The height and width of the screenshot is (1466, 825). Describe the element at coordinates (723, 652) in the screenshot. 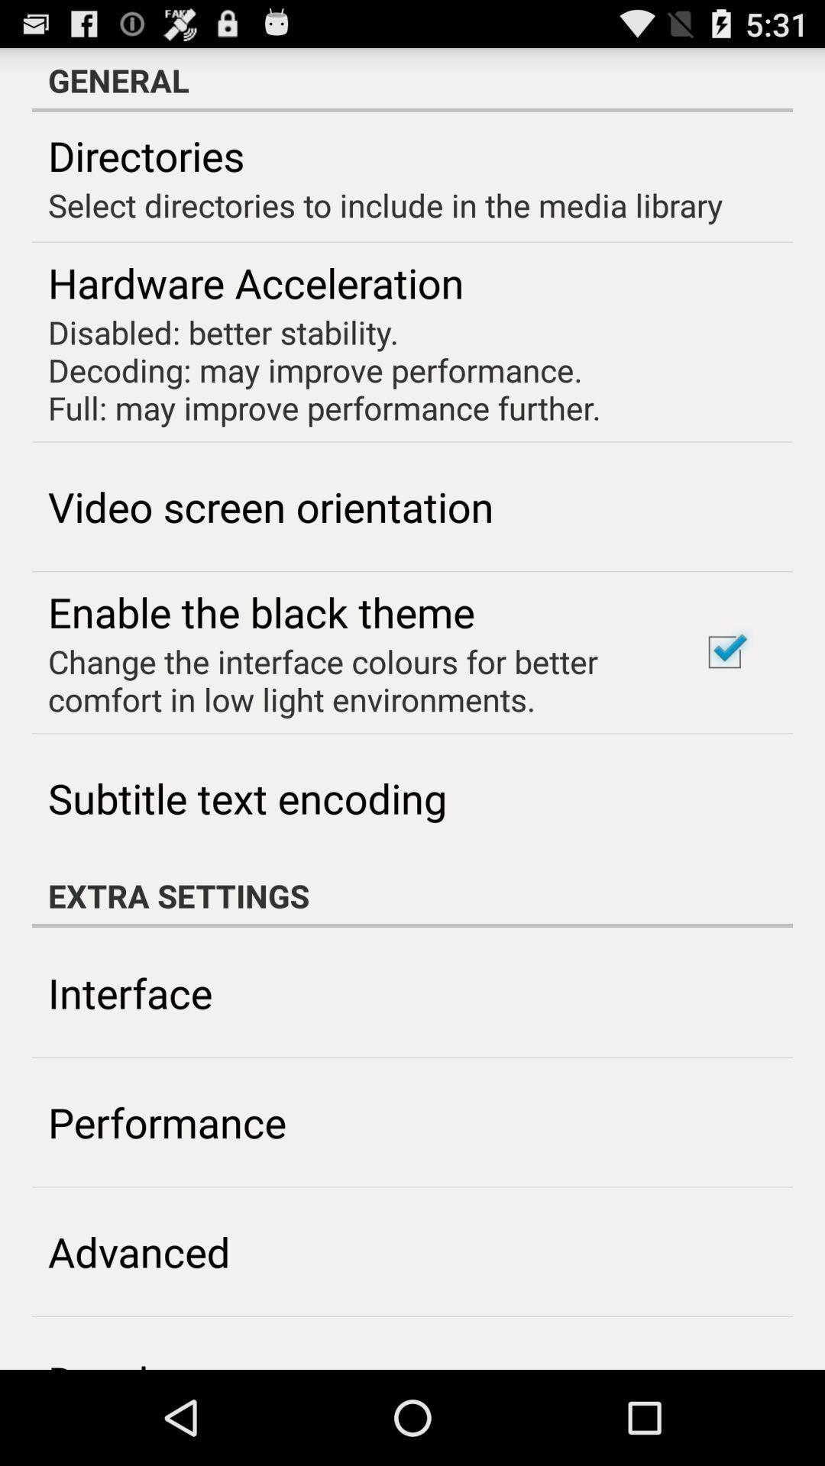

I see `the app above the extra settings item` at that location.